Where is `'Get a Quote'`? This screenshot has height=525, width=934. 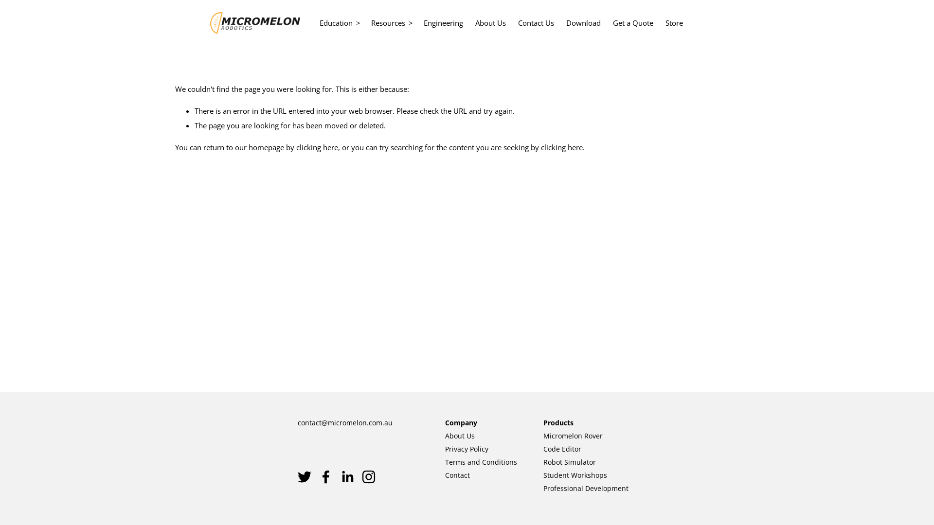 'Get a Quote' is located at coordinates (633, 22).